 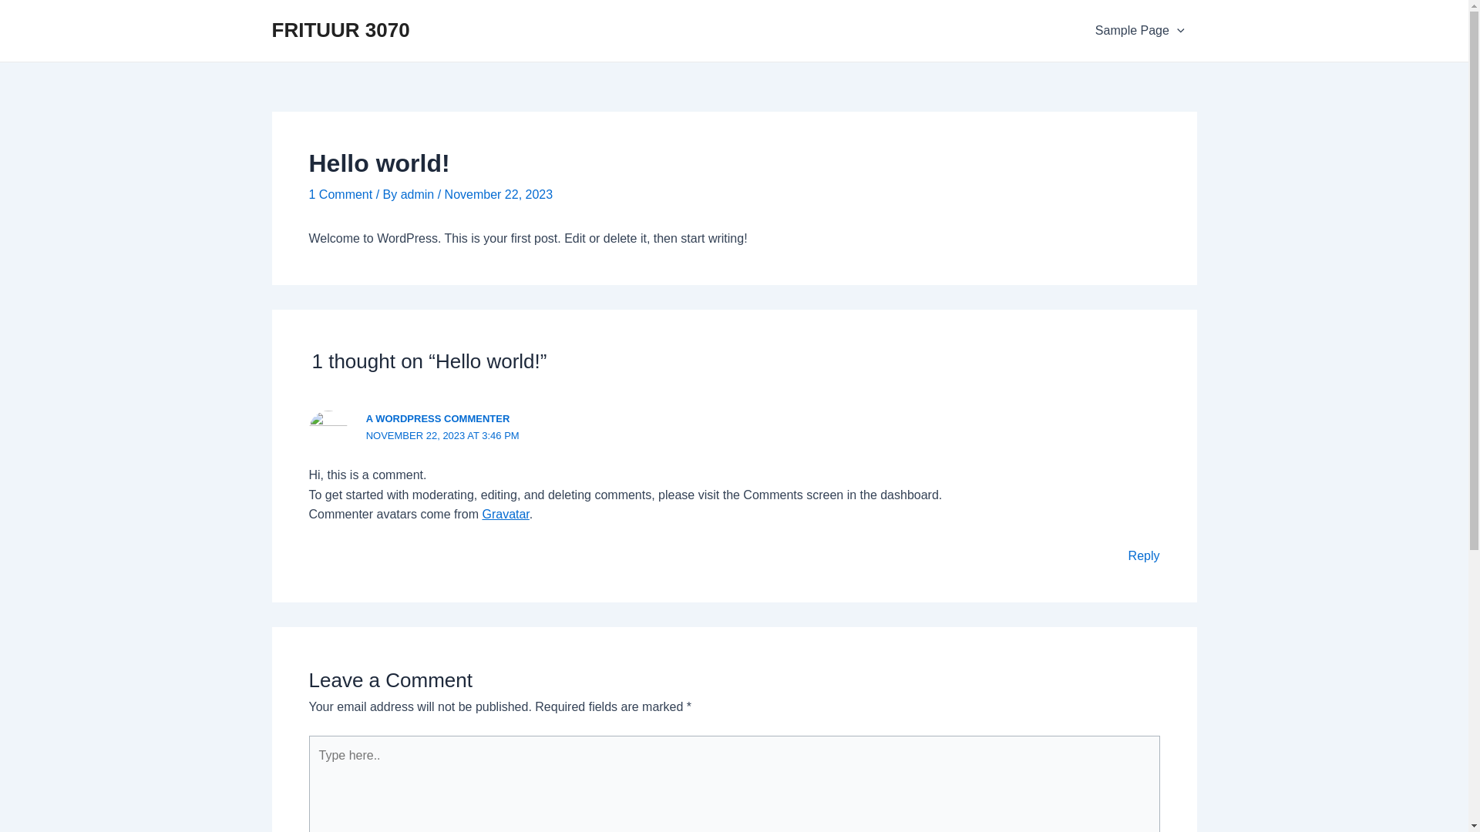 What do you see at coordinates (1139, 30) in the screenshot?
I see `'Sample Page'` at bounding box center [1139, 30].